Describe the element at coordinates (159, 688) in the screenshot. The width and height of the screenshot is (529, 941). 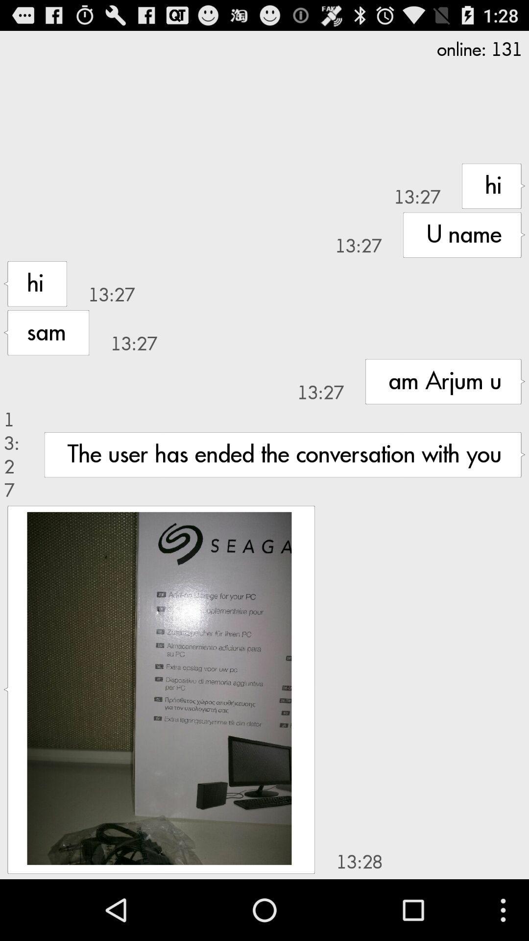
I see `enlarge photo` at that location.